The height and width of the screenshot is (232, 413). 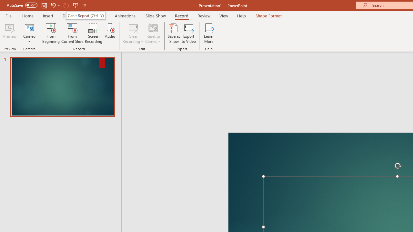 I want to click on 'From Current Slide...', so click(x=72, y=33).